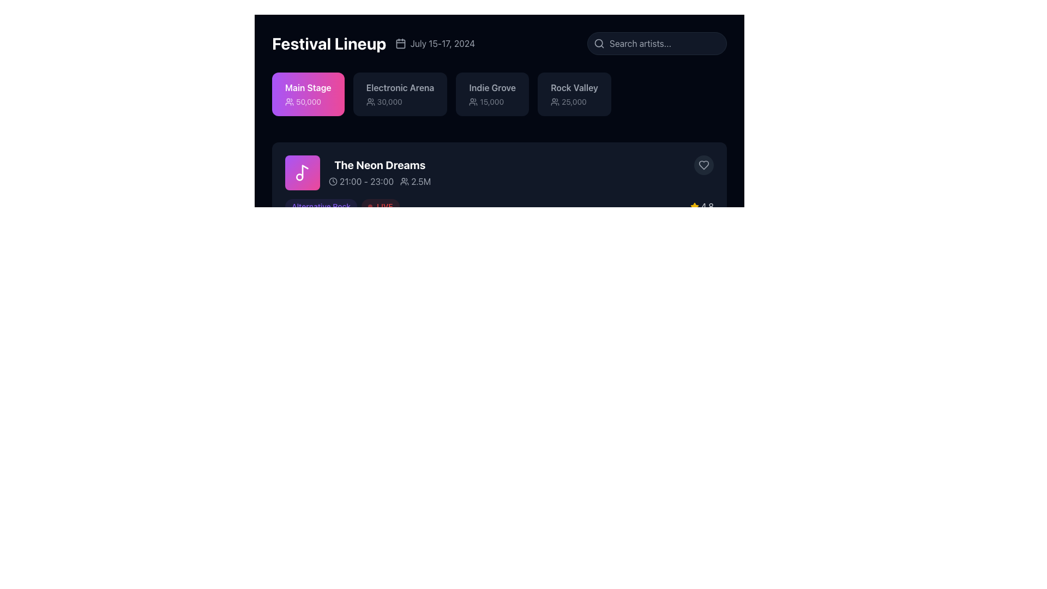  What do you see at coordinates (332, 181) in the screenshot?
I see `circular graphical element representing the clock icon located on the left side of the event details section next to the time information ('21:00 - 23:00')` at bounding box center [332, 181].